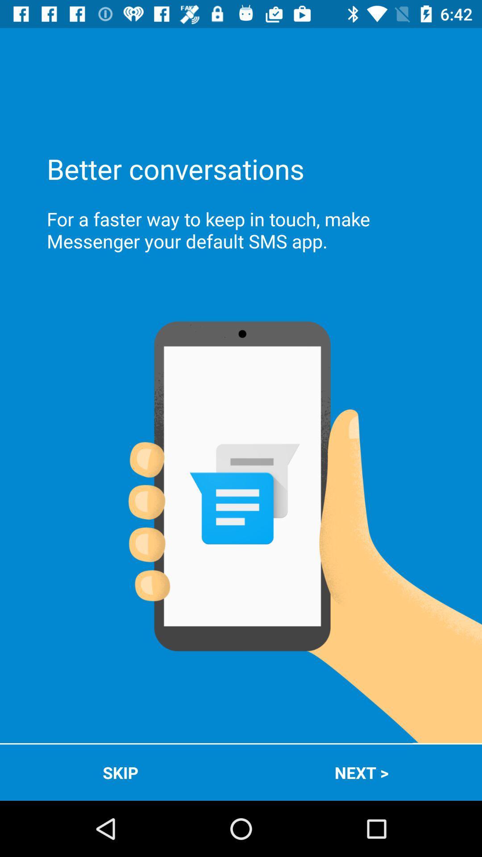  I want to click on icon next to the next > icon, so click(120, 772).